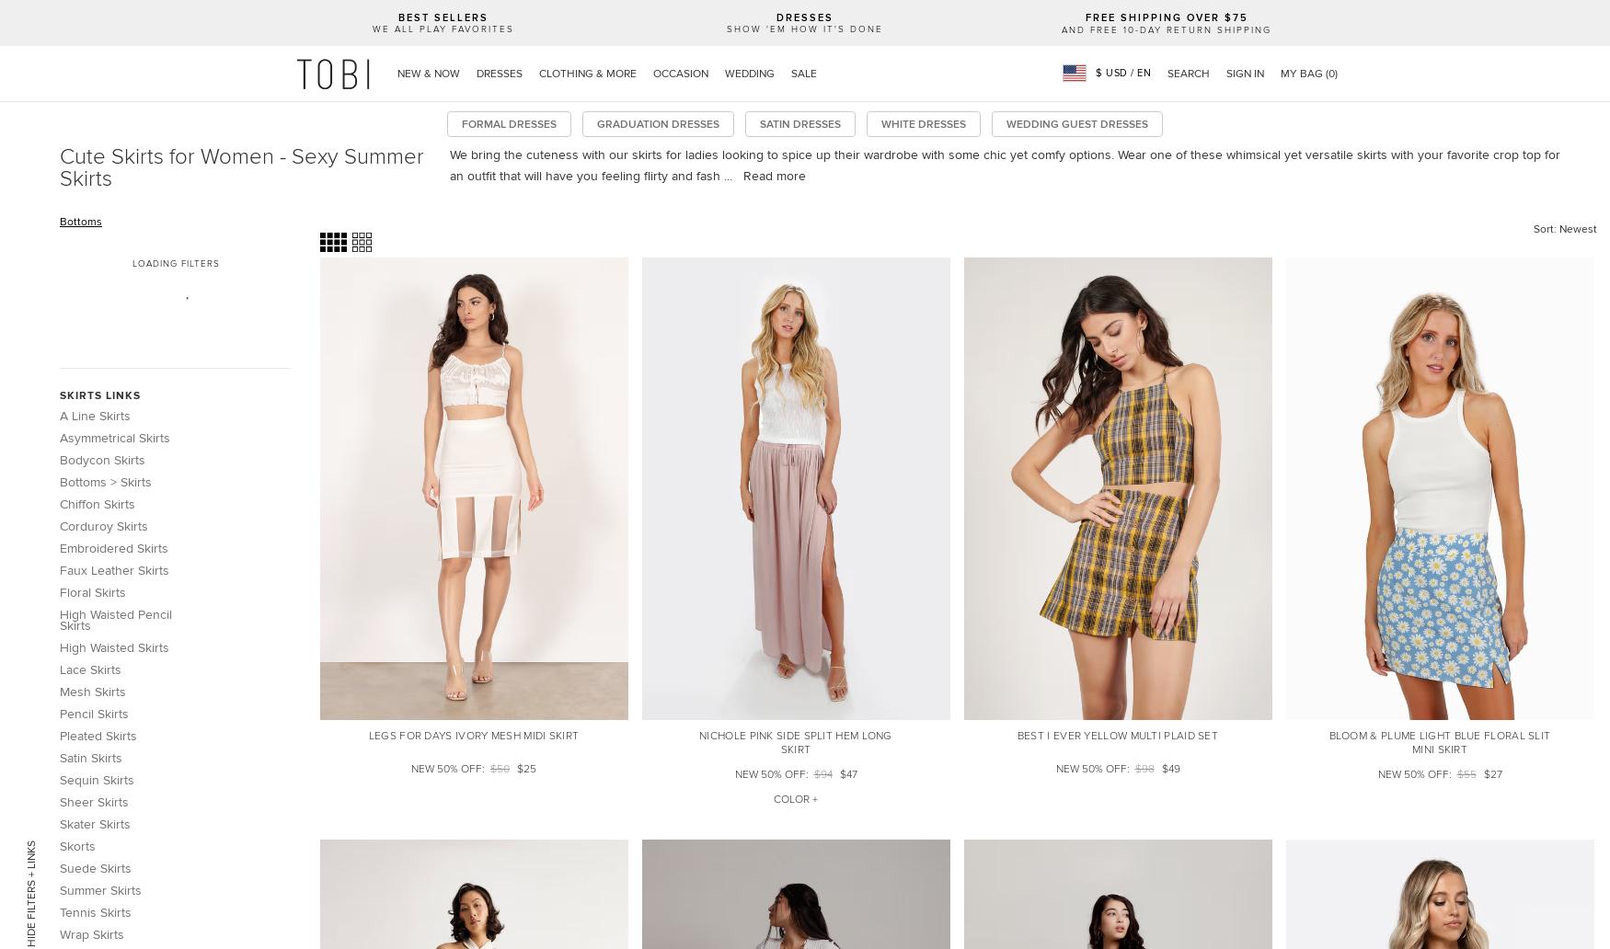 This screenshot has height=949, width=1610. I want to click on '$27', so click(1492, 773).